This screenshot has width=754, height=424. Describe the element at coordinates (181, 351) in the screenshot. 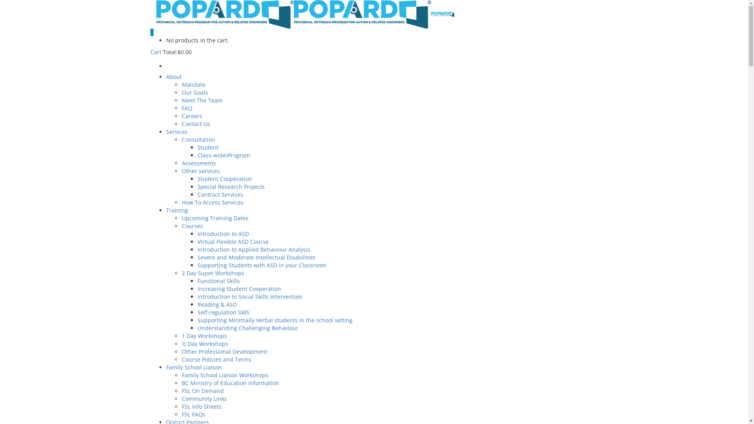

I see `'Other Professional Development'` at that location.